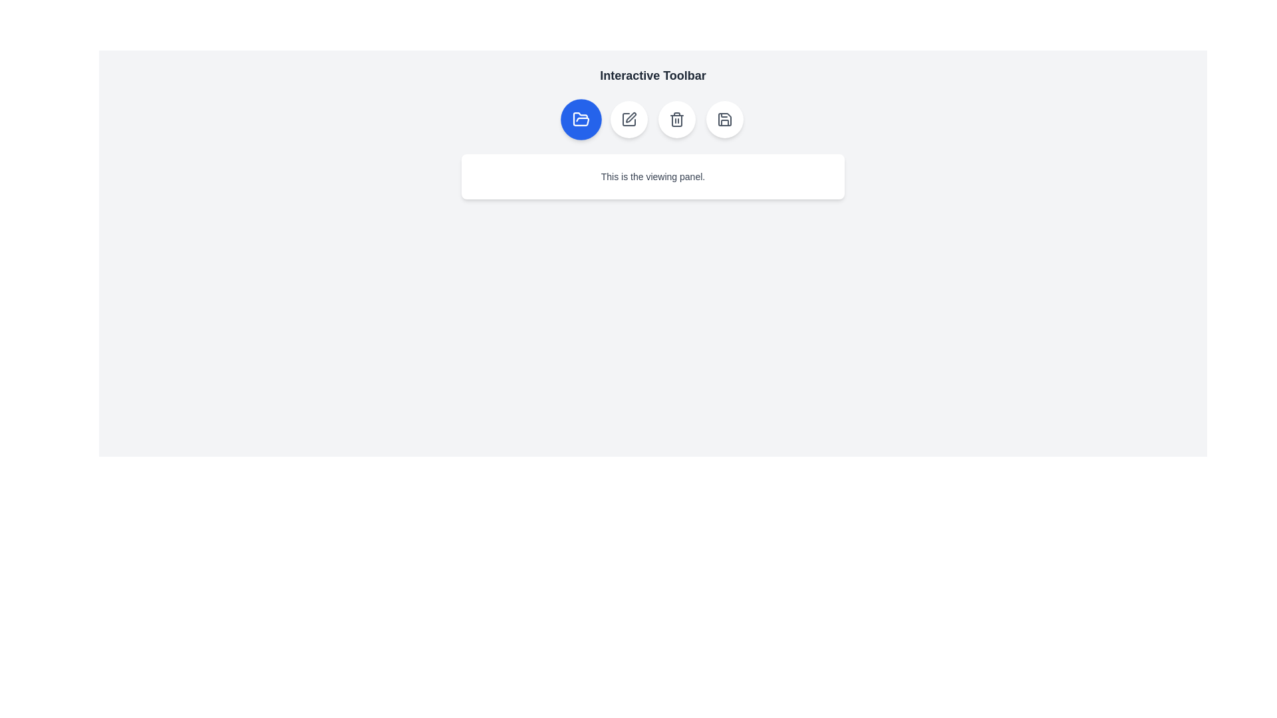  Describe the element at coordinates (676, 120) in the screenshot. I see `the white circular button with a garbage bin icon, which is the third button in the 'Interactive Toolbar'` at that location.